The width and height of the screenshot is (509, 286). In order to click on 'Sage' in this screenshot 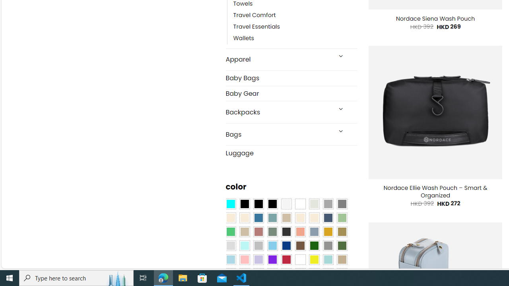, I will do `click(272, 232)`.